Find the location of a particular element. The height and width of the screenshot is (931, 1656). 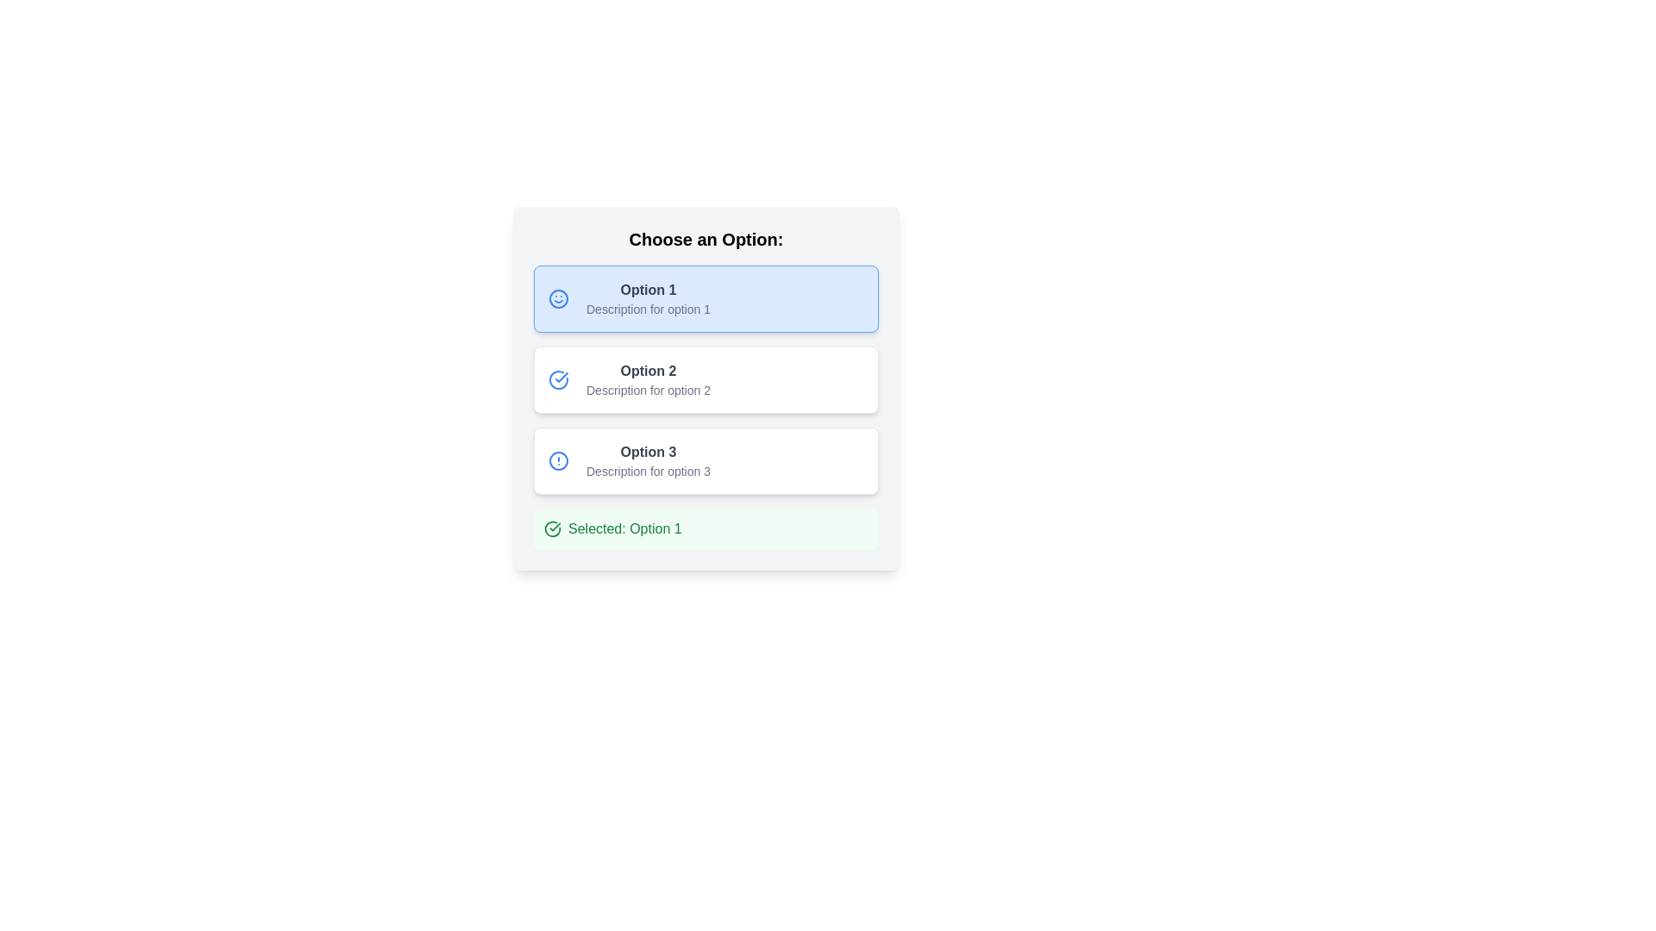

the selectable list option titled 'Option 2', which is the second item in the list is located at coordinates (648, 378).